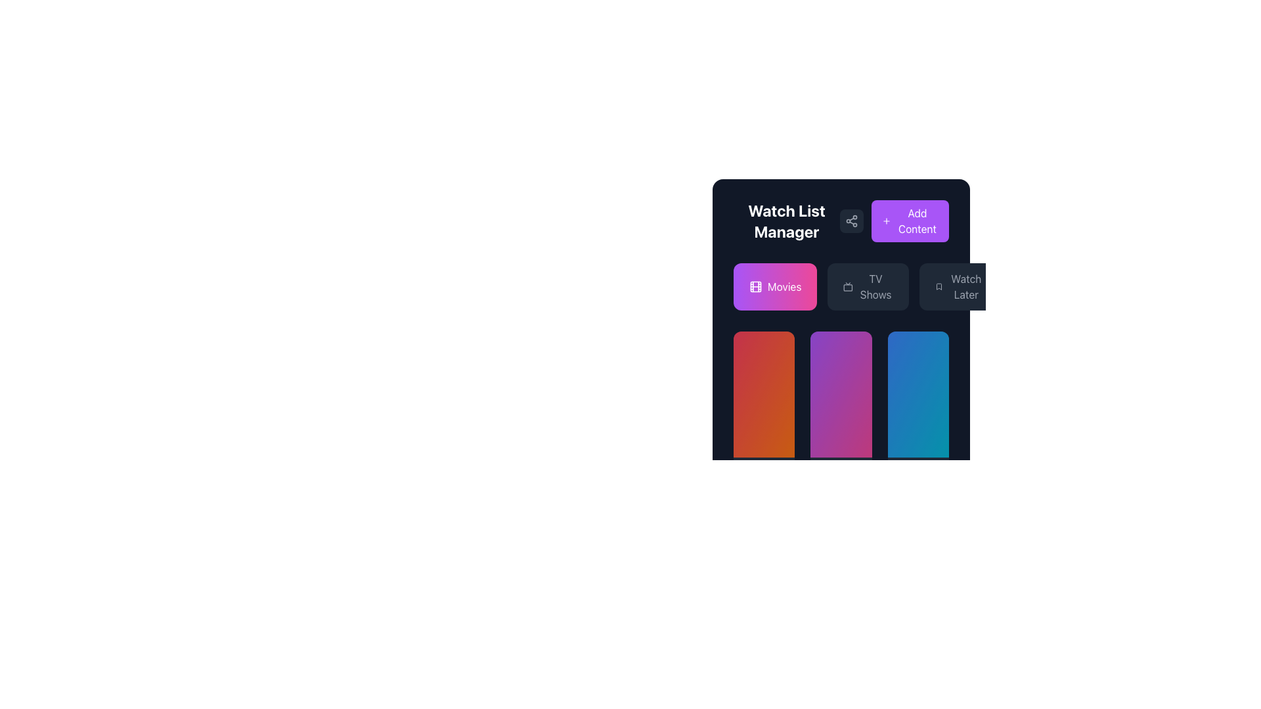 The height and width of the screenshot is (709, 1261). What do you see at coordinates (851, 220) in the screenshot?
I see `the share button located to the left of the 'Add Content' button in the toolbar under the 'Watch List Manager' heading` at bounding box center [851, 220].